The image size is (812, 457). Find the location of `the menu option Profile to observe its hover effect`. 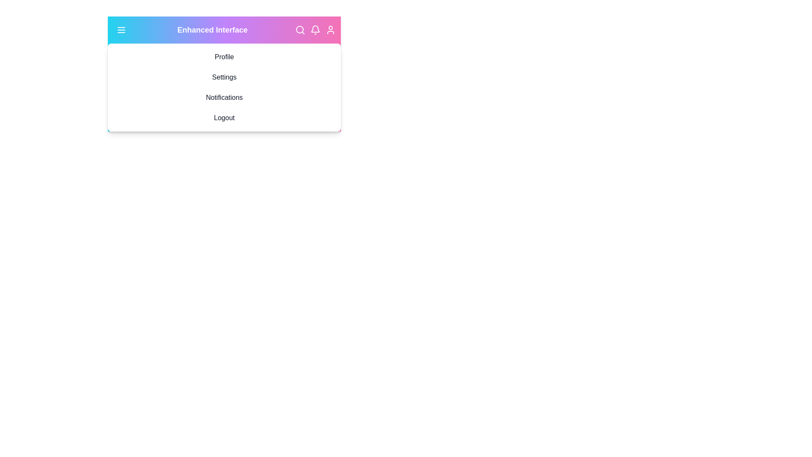

the menu option Profile to observe its hover effect is located at coordinates (224, 57).